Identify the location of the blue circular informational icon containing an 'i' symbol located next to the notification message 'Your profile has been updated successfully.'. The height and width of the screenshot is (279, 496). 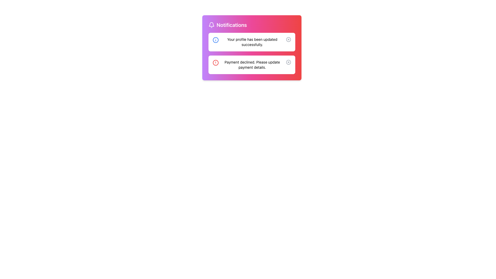
(215, 40).